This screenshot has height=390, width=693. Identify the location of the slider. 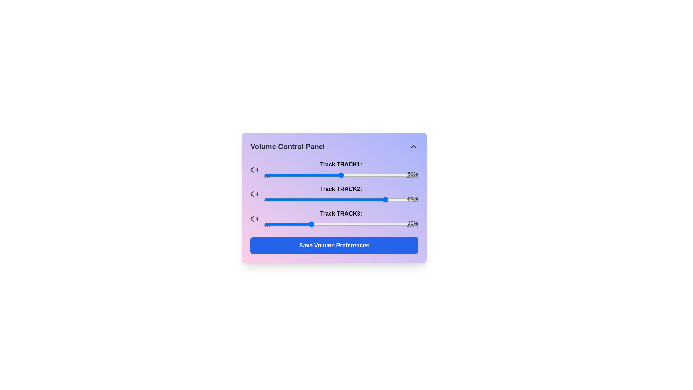
(304, 175).